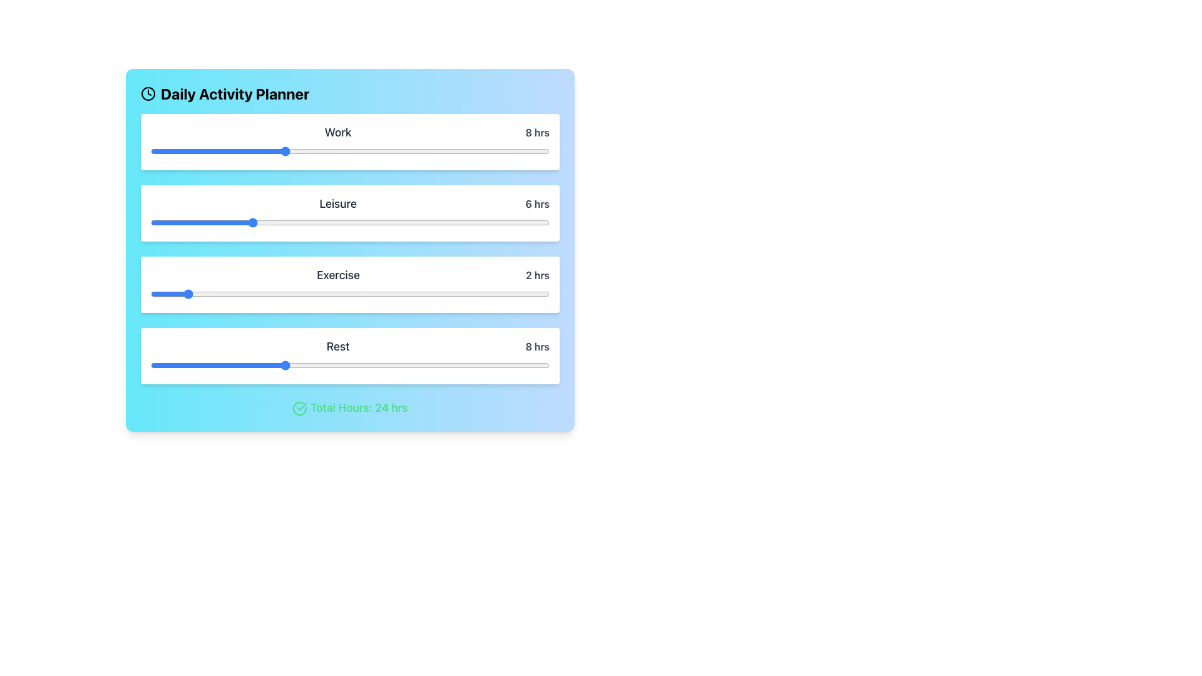 Image resolution: width=1202 pixels, height=676 pixels. Describe the element at coordinates (499, 222) in the screenshot. I see `leisure hours` at that location.